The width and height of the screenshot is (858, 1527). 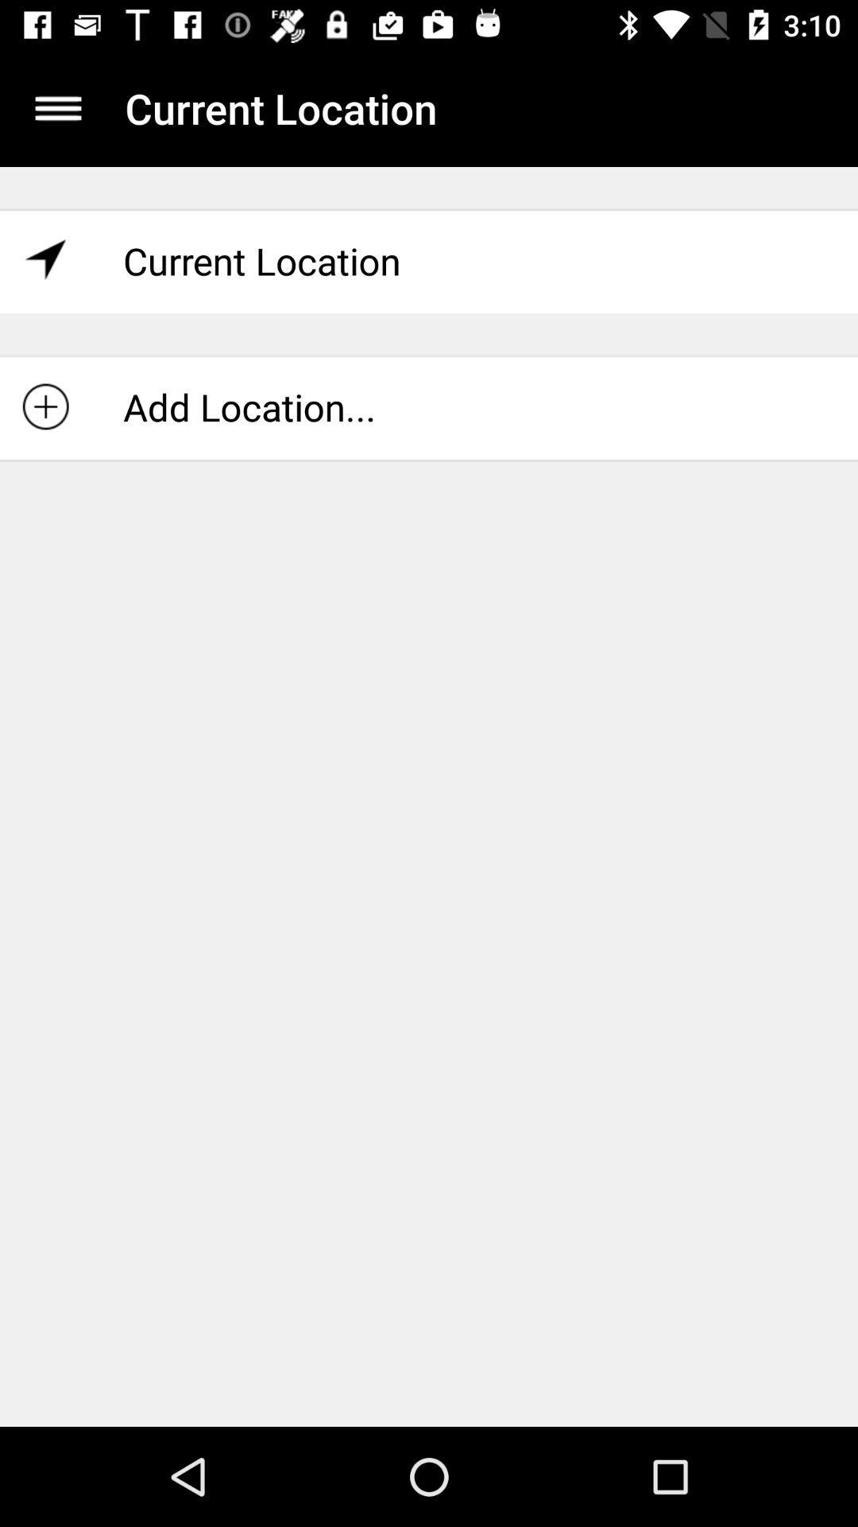 What do you see at coordinates (57, 107) in the screenshot?
I see `the menu icon` at bounding box center [57, 107].